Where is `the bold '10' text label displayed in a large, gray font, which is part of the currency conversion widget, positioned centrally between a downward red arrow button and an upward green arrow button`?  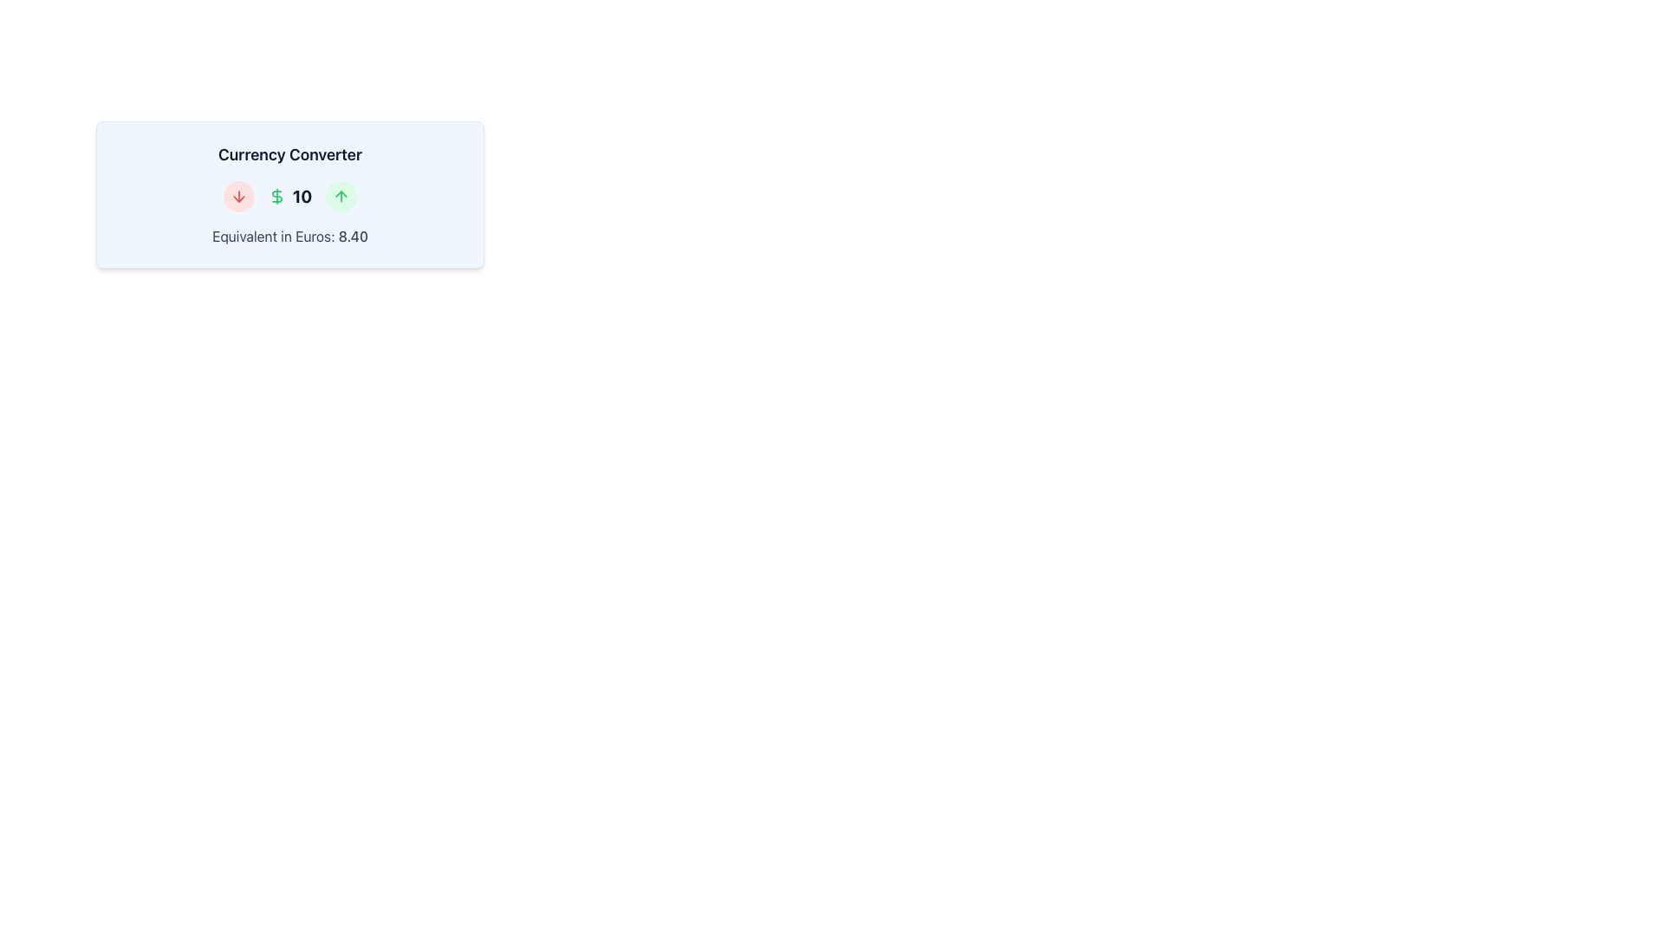
the bold '10' text label displayed in a large, gray font, which is part of the currency conversion widget, positioned centrally between a downward red arrow button and an upward green arrow button is located at coordinates (290, 196).